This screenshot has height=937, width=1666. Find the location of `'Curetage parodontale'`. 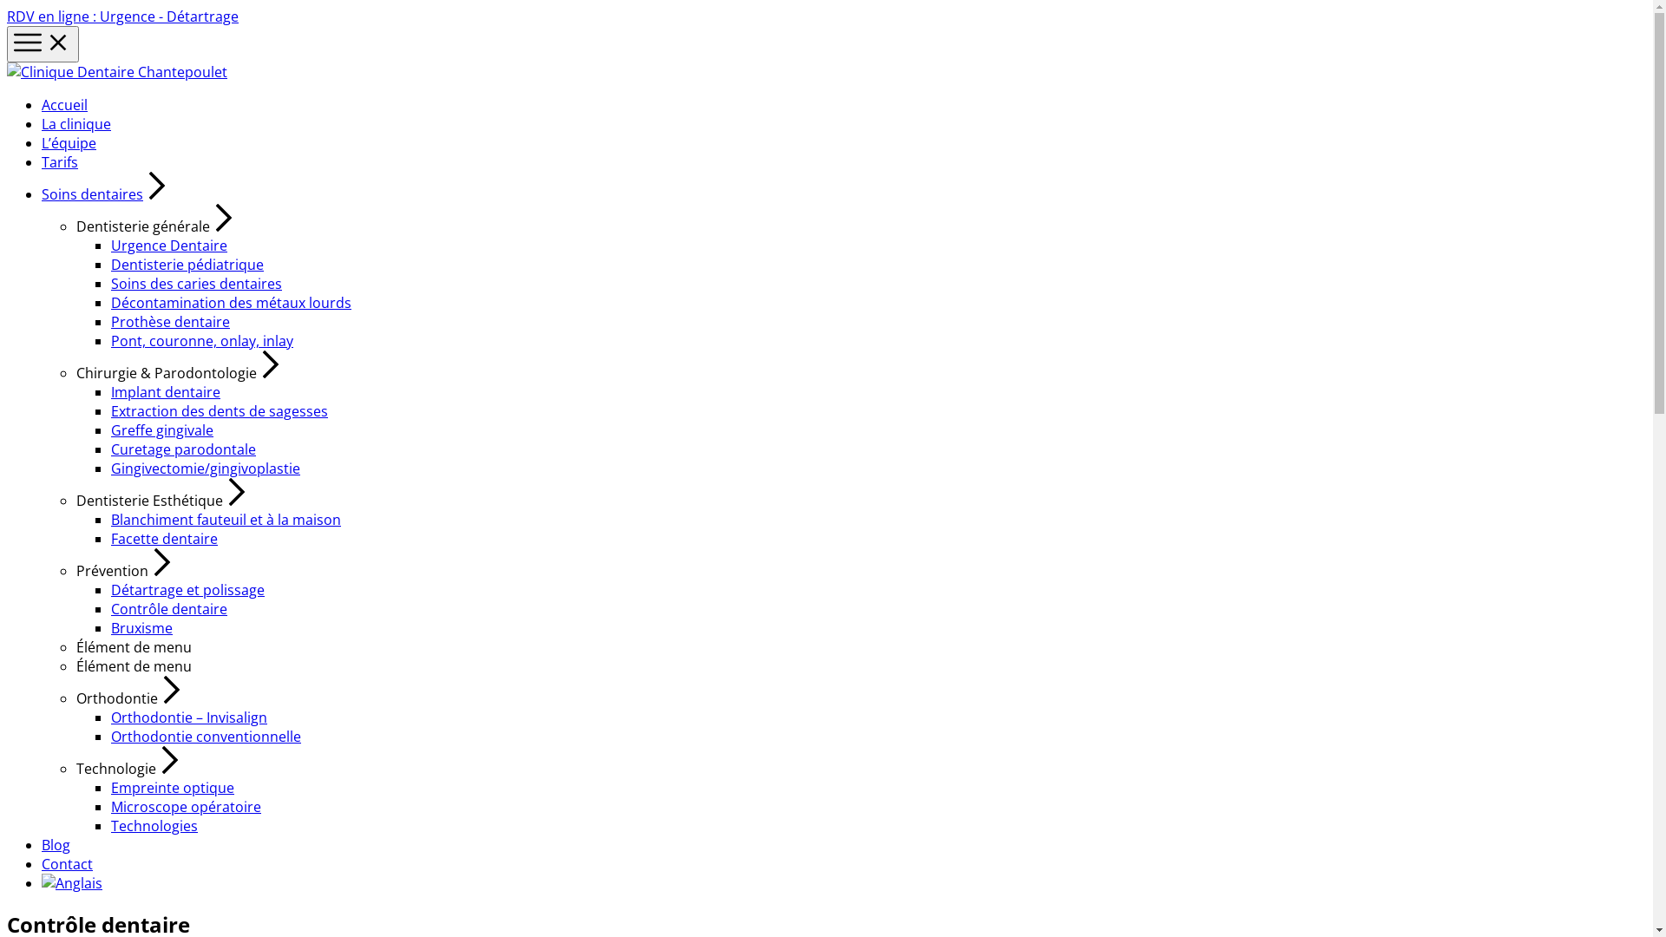

'Curetage parodontale' is located at coordinates (183, 448).